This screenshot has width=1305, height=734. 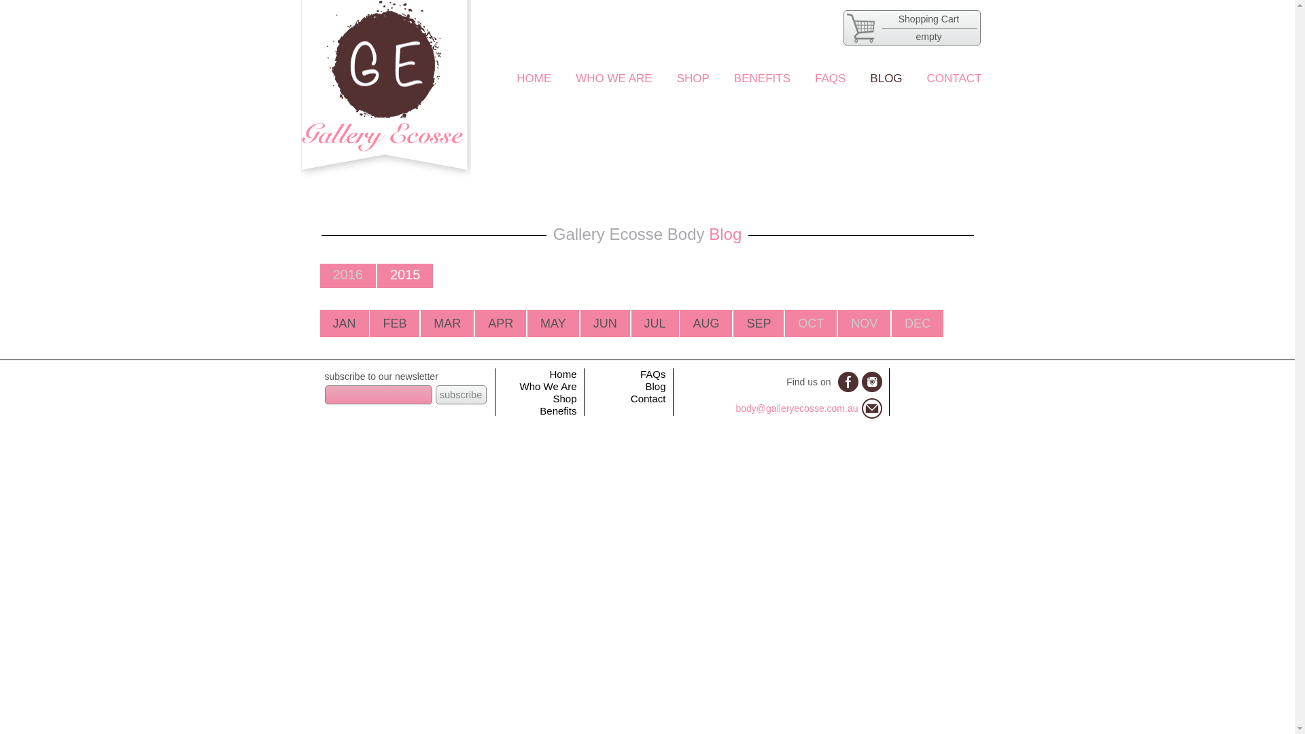 I want to click on 'JUN', so click(x=604, y=323).